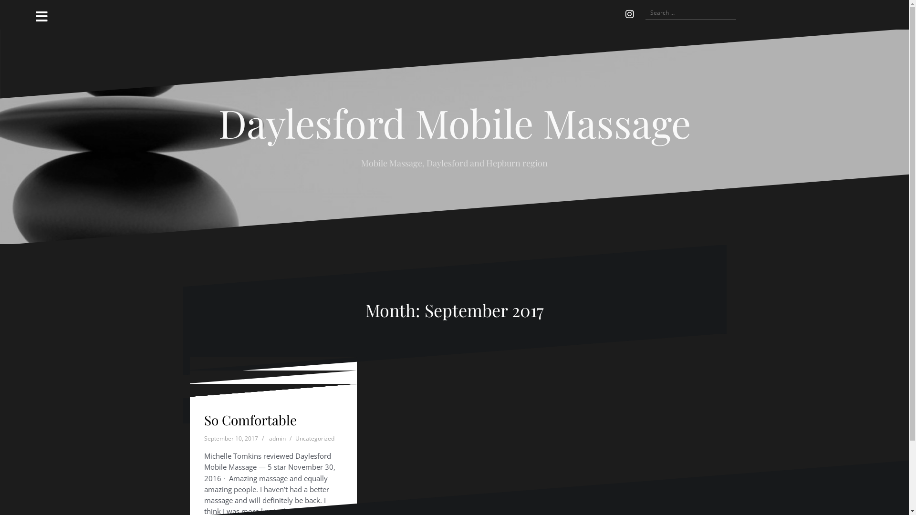 Image resolution: width=916 pixels, height=515 pixels. Describe the element at coordinates (294, 438) in the screenshot. I see `'Uncategorized'` at that location.